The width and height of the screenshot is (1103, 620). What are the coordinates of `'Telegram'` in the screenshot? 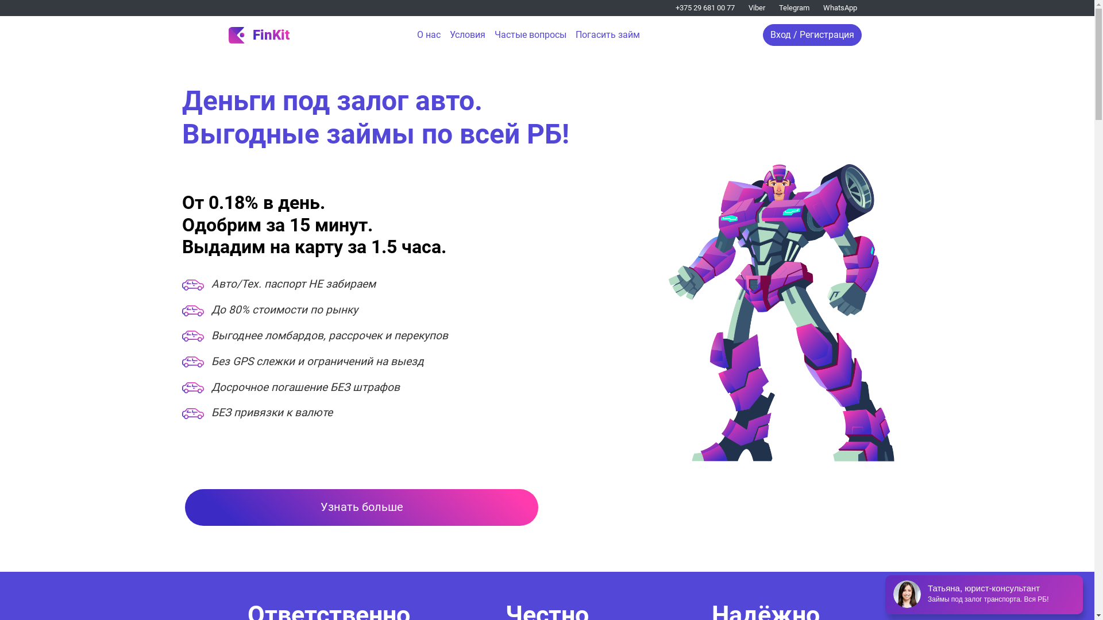 It's located at (765, 8).